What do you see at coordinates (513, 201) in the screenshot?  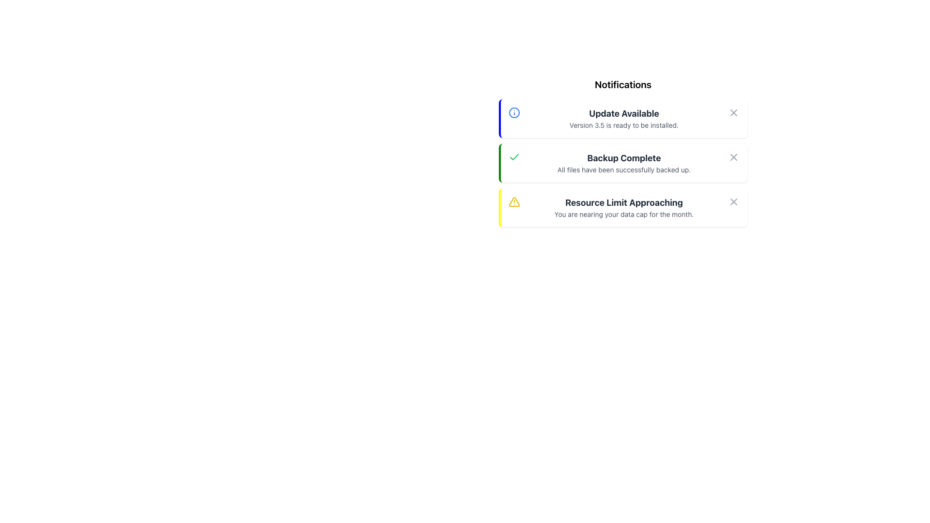 I see `the triangular icon with a yellow border and white interior, featuring a bold yellow exclamation mark, located in the left section of the 'Resource Limit Approaching' notification card` at bounding box center [513, 201].